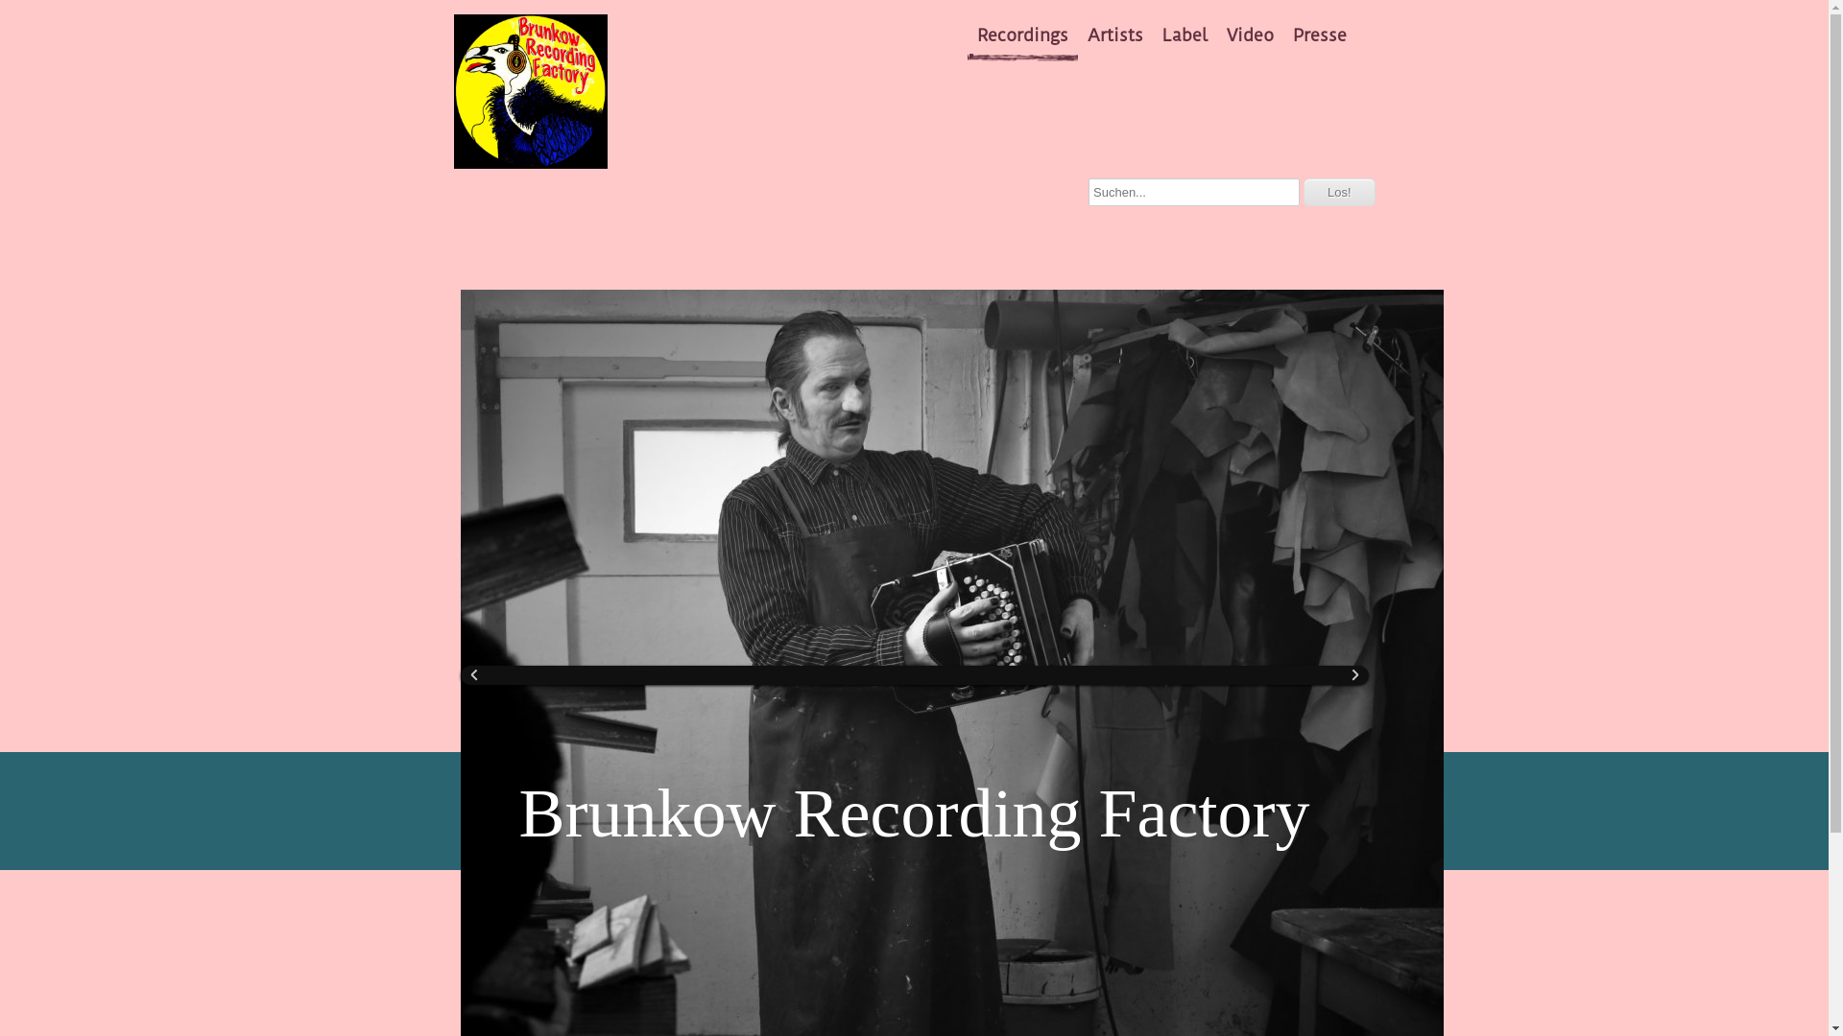 This screenshot has height=1036, width=1843. What do you see at coordinates (1114, 35) in the screenshot?
I see `'Artists'` at bounding box center [1114, 35].